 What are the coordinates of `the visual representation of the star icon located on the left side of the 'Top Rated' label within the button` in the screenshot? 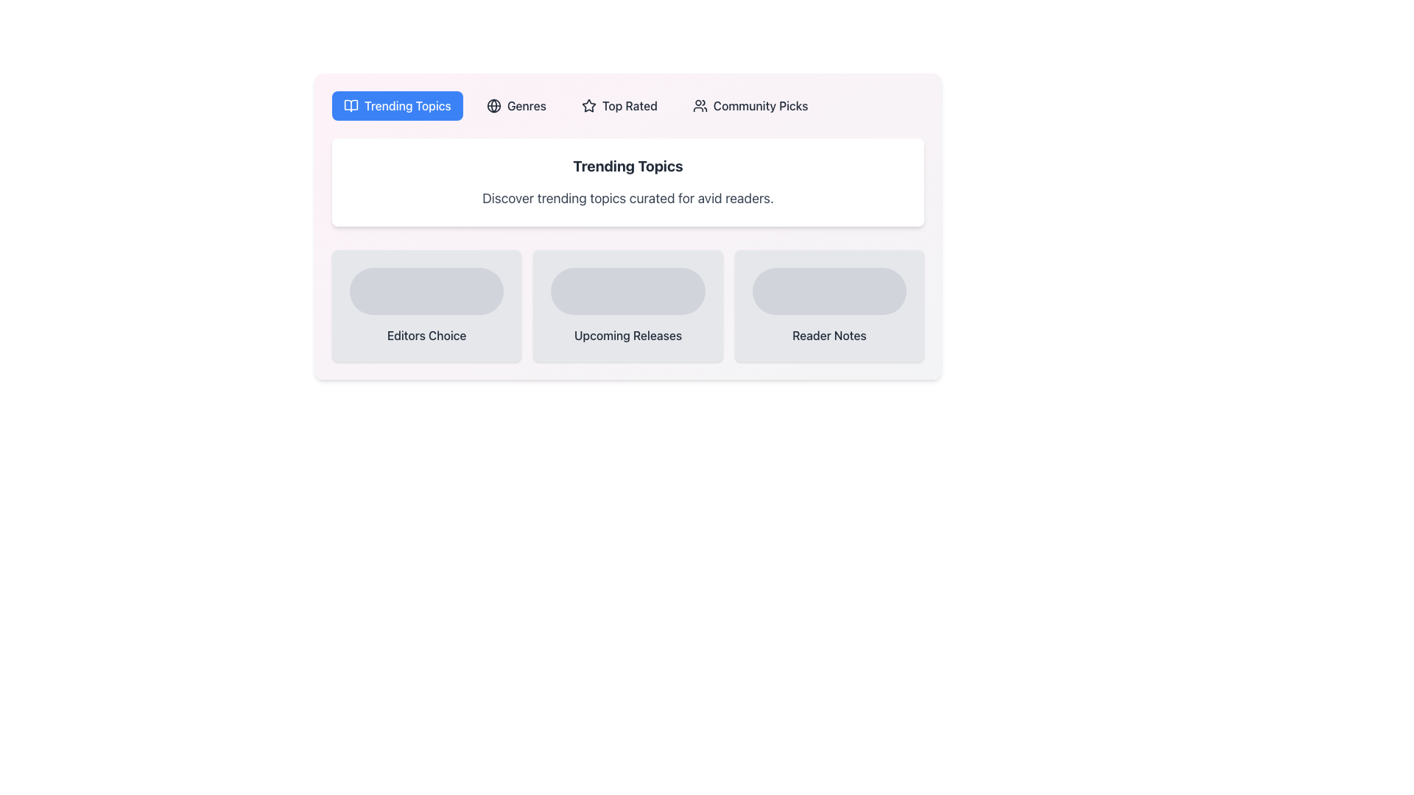 It's located at (588, 105).